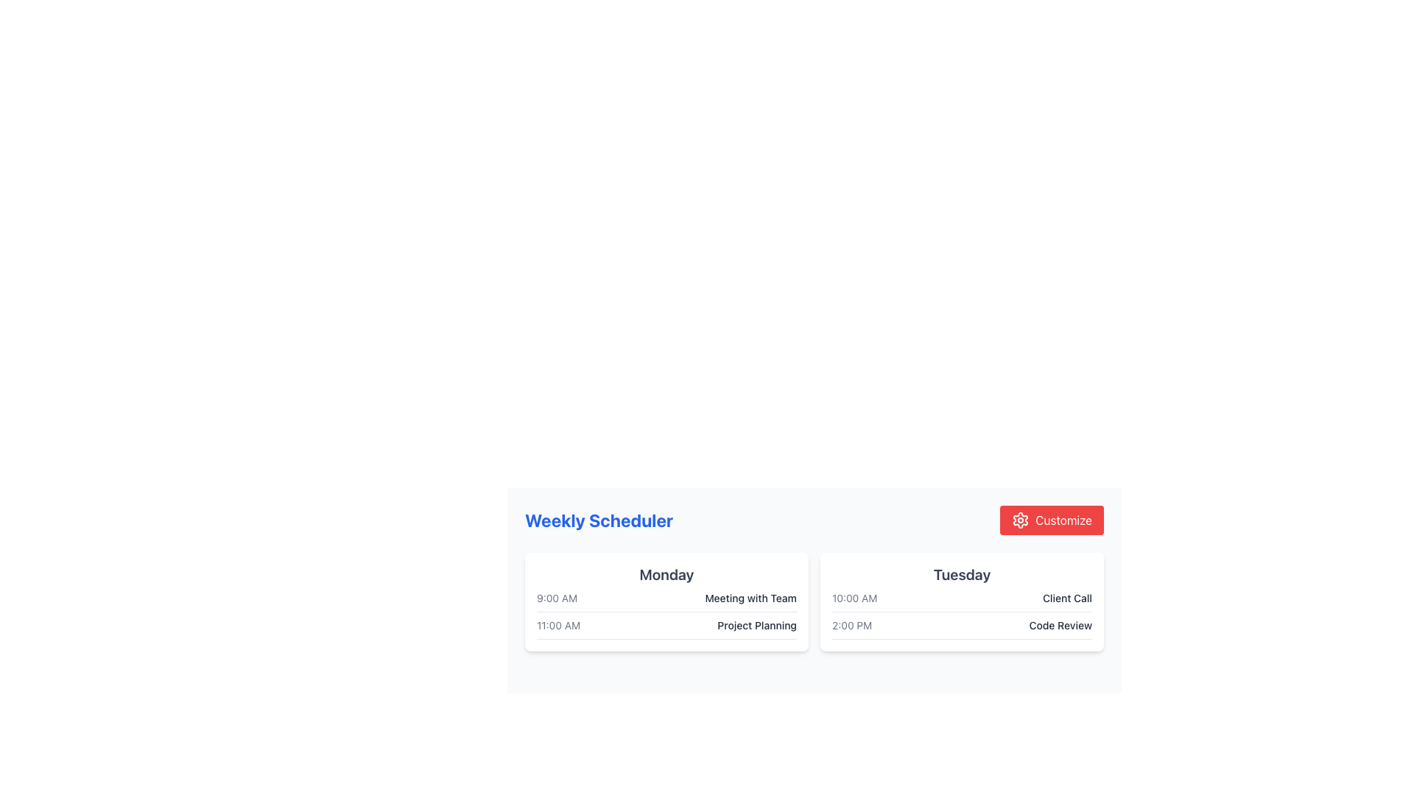 Image resolution: width=1414 pixels, height=795 pixels. I want to click on timestamp displayed in the Text label for the 'Code Review' event, which is the second item under 'Tuesday' in the schedule interface, so click(852, 625).